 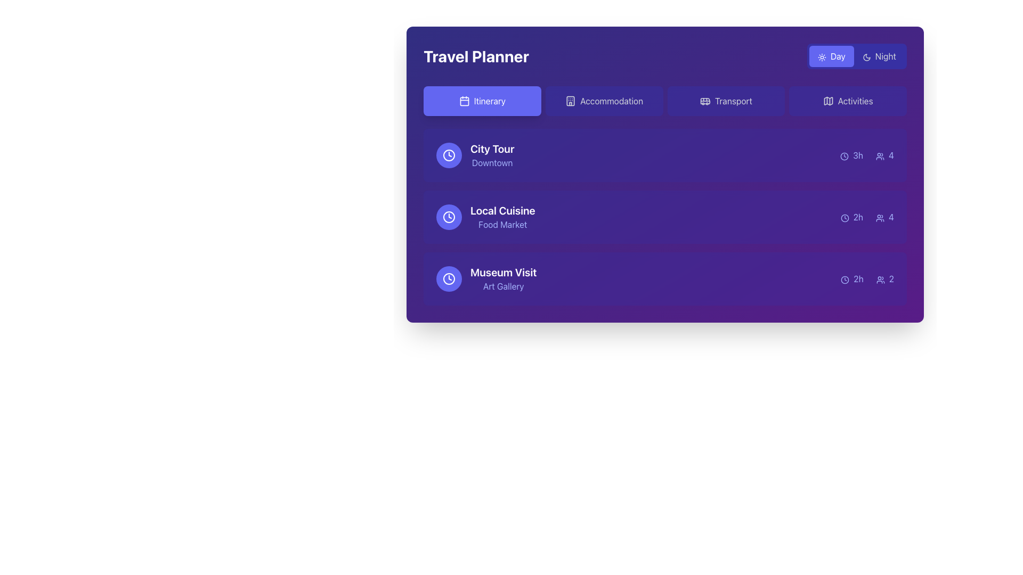 What do you see at coordinates (664, 278) in the screenshot?
I see `the third informational card in the 'Travel Planner' section, which displays details about a museum visit itinerary, located between 'Local Cuisine' and 'Museum Visit'` at bounding box center [664, 278].